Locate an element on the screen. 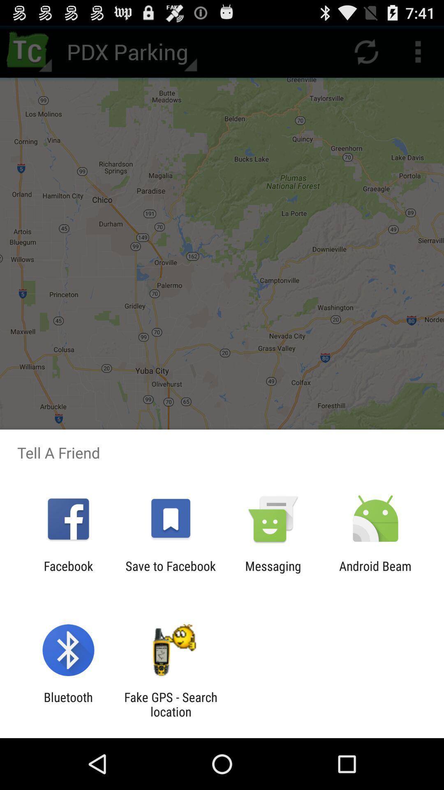 Image resolution: width=444 pixels, height=790 pixels. the item to the left of the android beam item is located at coordinates (273, 573).